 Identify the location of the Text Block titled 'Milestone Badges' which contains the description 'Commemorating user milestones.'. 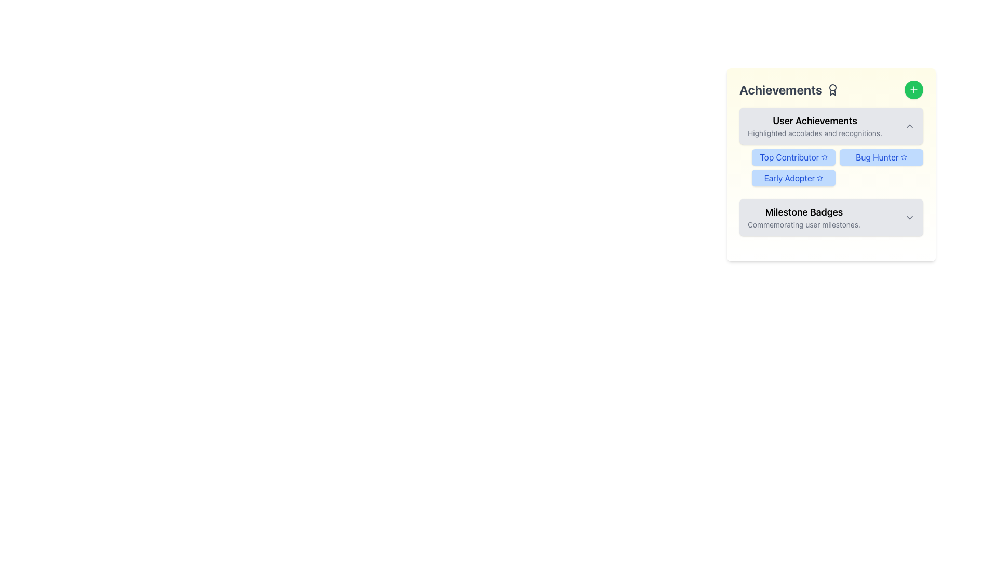
(803, 217).